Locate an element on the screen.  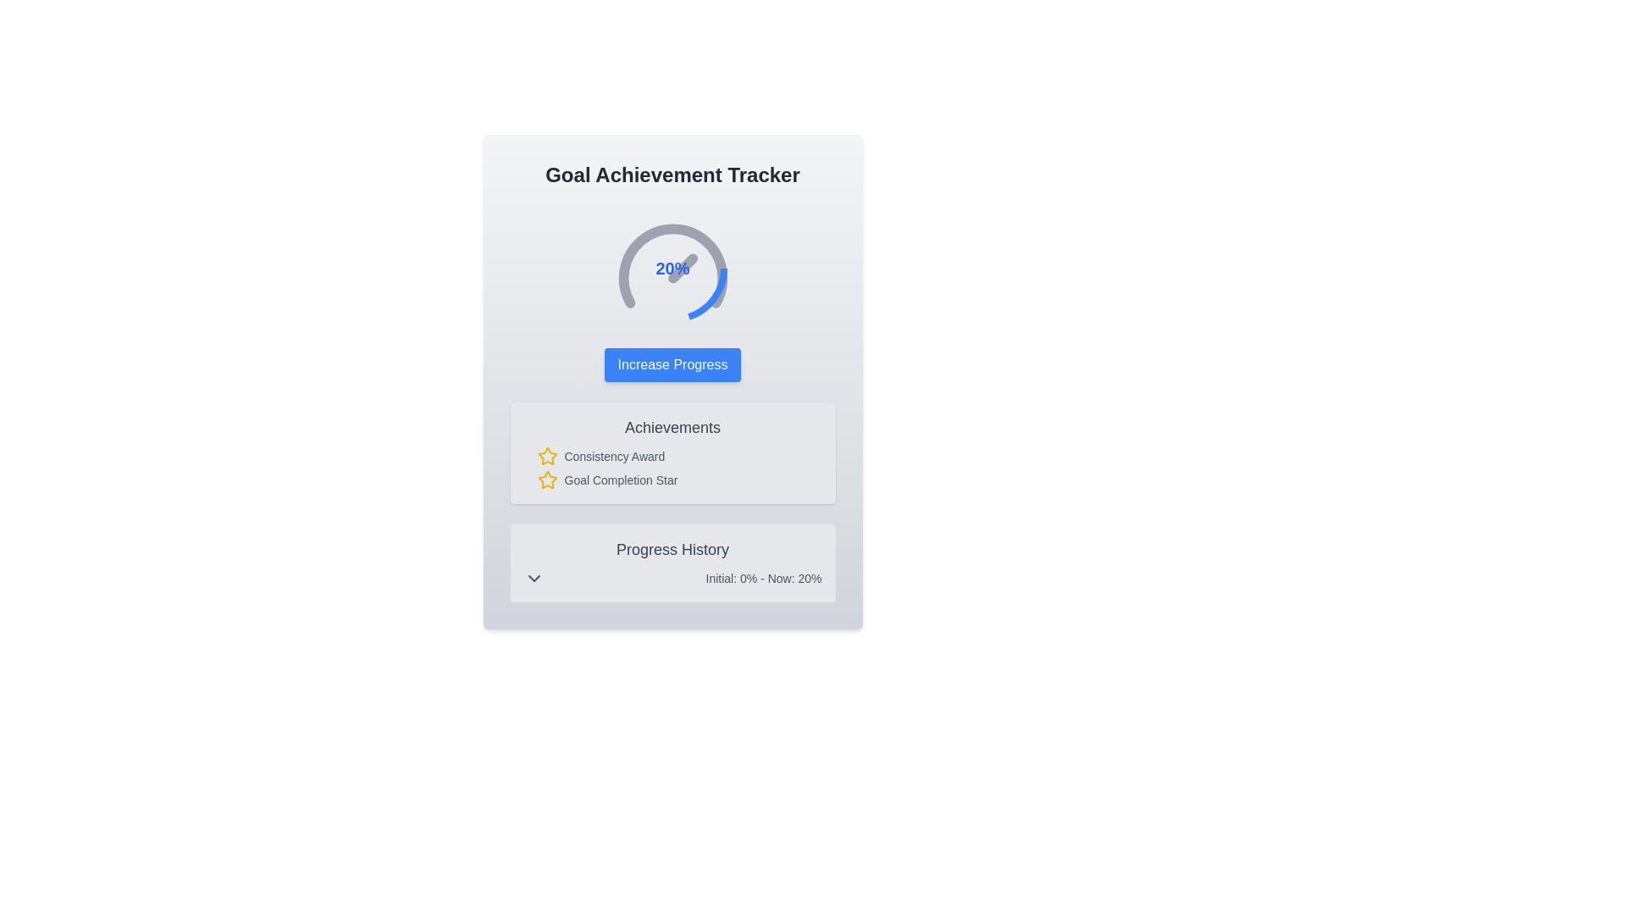
the downward-pointing chevron icon located in the 'Progress History' panel is located at coordinates (533, 577).